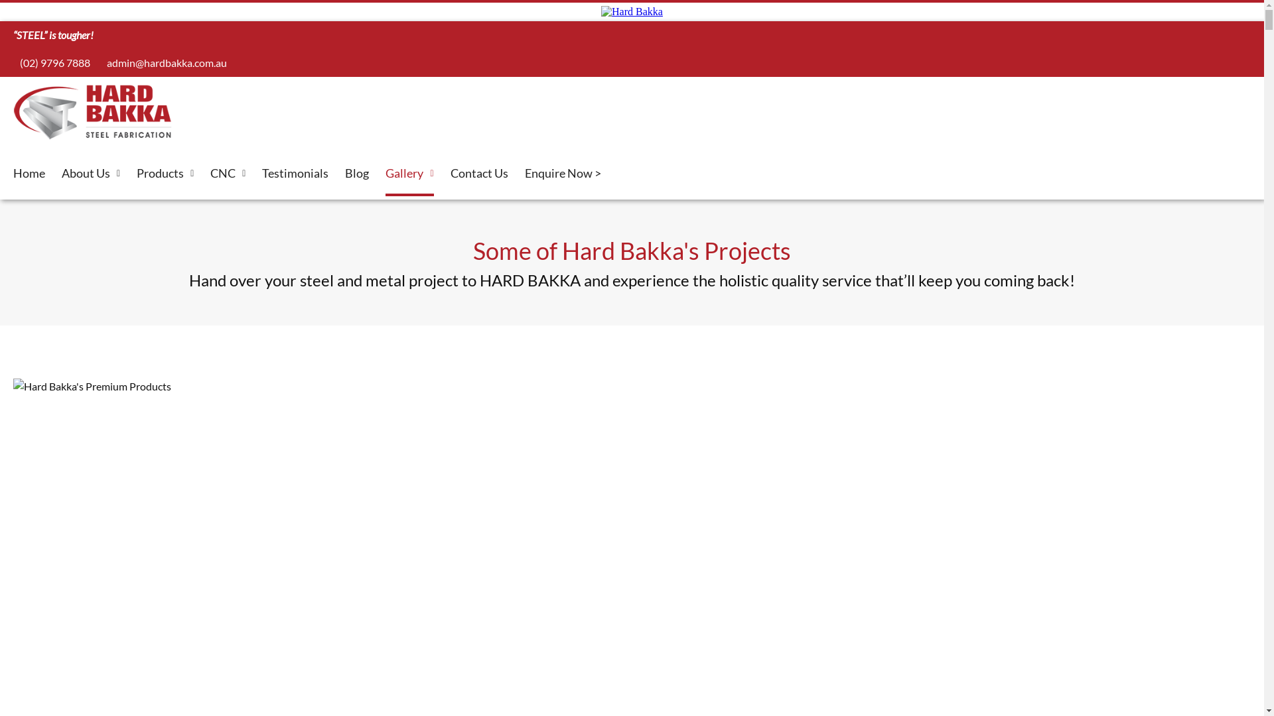 The image size is (1274, 716). What do you see at coordinates (228, 174) in the screenshot?
I see `'CNC'` at bounding box center [228, 174].